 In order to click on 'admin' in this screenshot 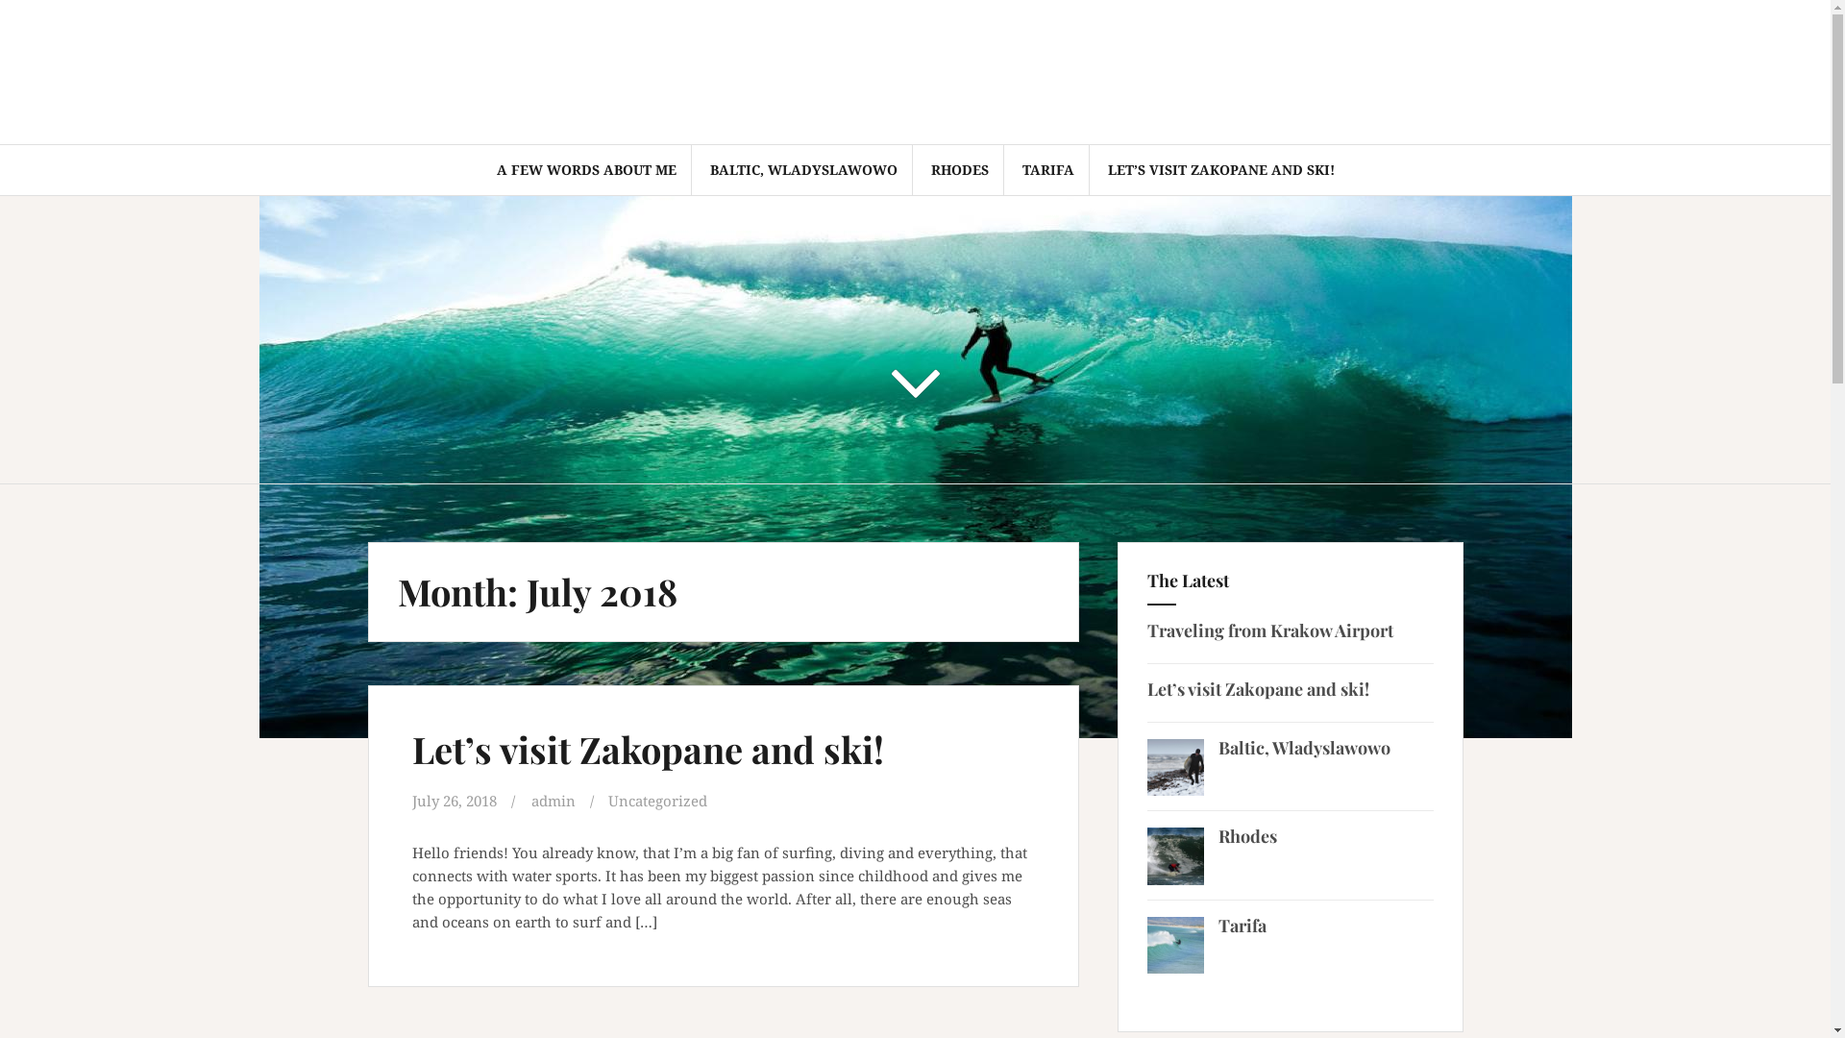, I will do `click(552, 801)`.